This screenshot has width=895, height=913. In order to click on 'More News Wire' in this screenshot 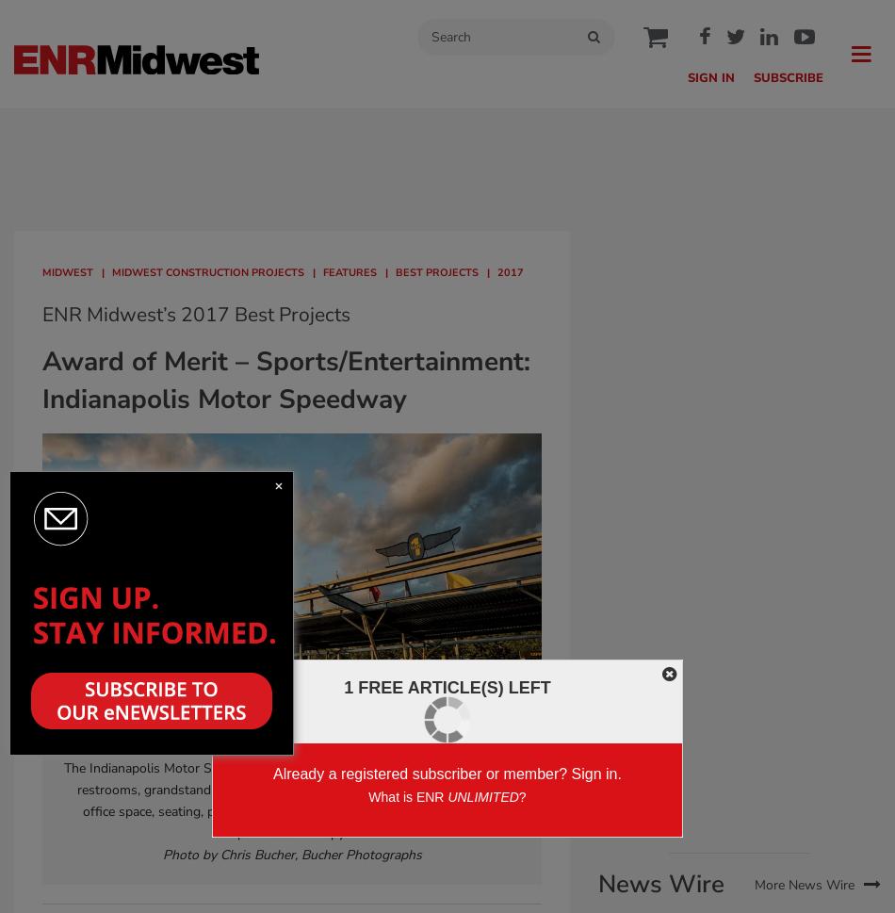, I will do `click(754, 883)`.